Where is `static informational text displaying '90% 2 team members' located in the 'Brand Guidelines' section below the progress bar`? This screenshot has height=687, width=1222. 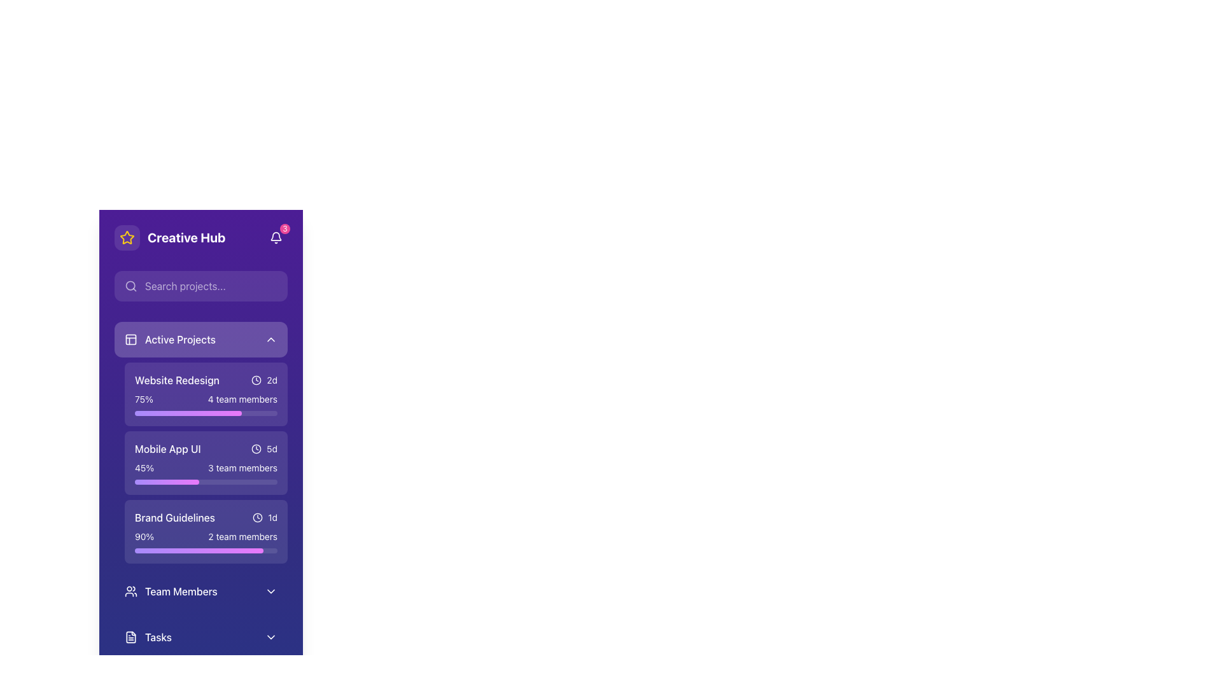
static informational text displaying '90% 2 team members' located in the 'Brand Guidelines' section below the progress bar is located at coordinates (206, 537).